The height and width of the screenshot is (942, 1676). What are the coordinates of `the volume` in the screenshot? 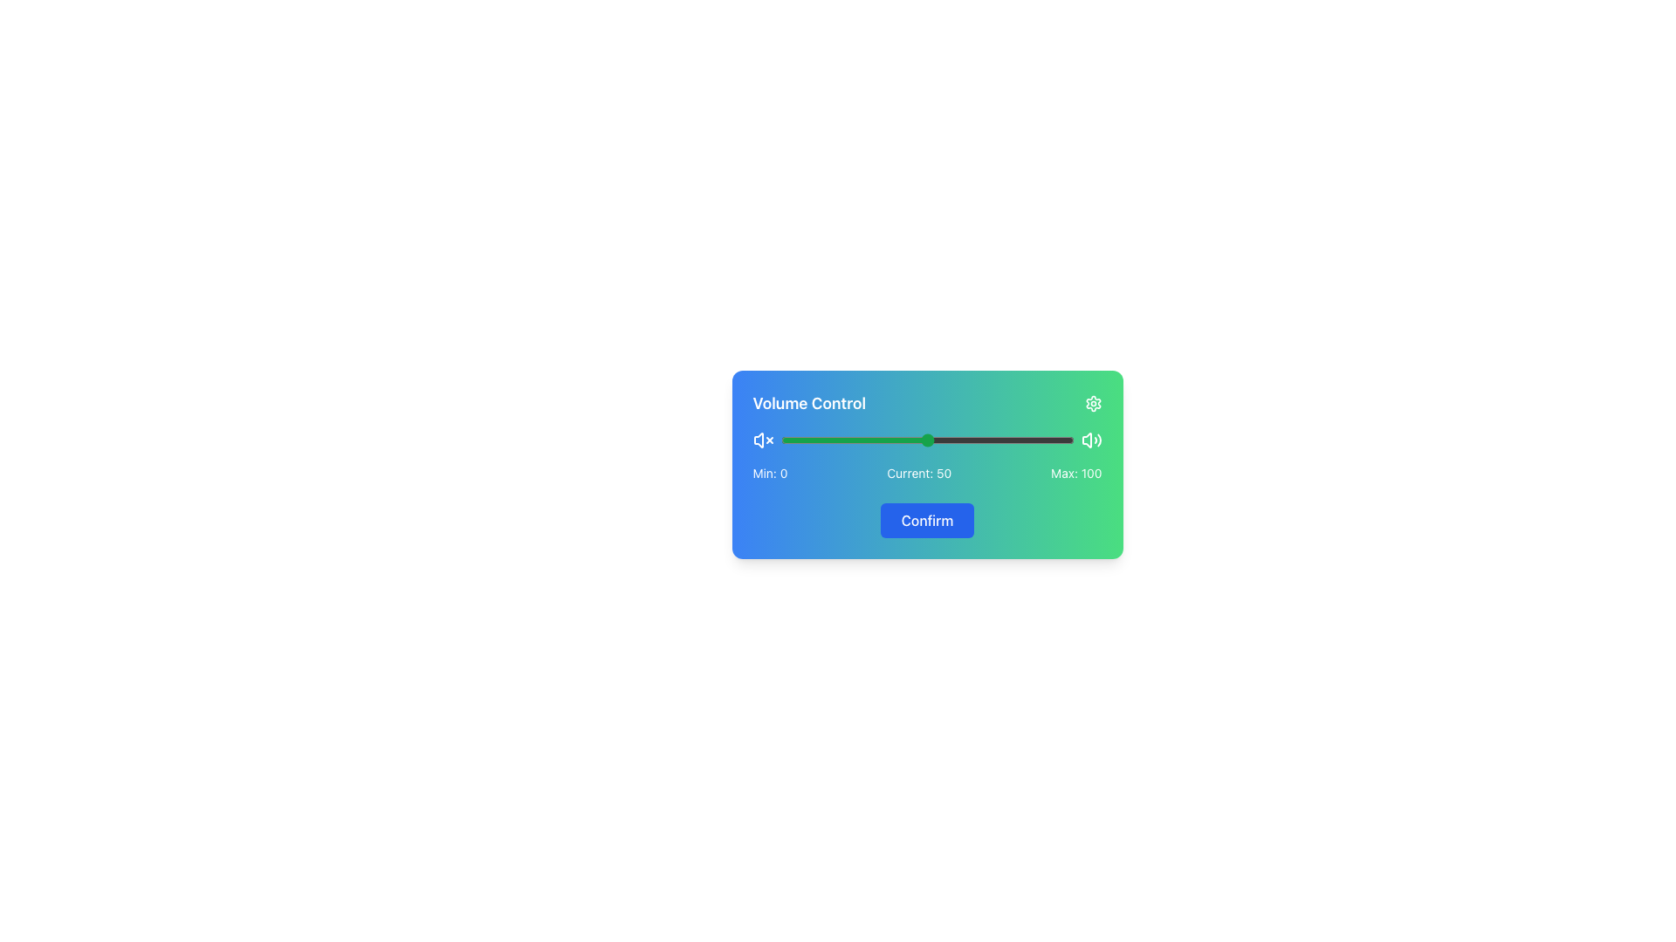 It's located at (909, 440).